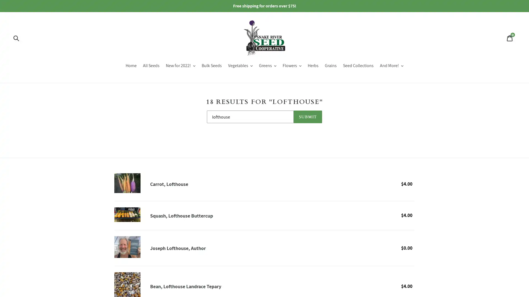  What do you see at coordinates (307, 116) in the screenshot?
I see `SUBMIT` at bounding box center [307, 116].